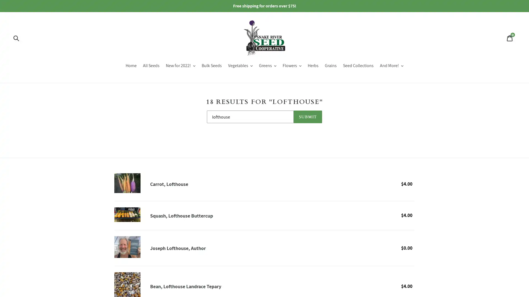  What do you see at coordinates (307, 116) in the screenshot?
I see `SUBMIT` at bounding box center [307, 116].